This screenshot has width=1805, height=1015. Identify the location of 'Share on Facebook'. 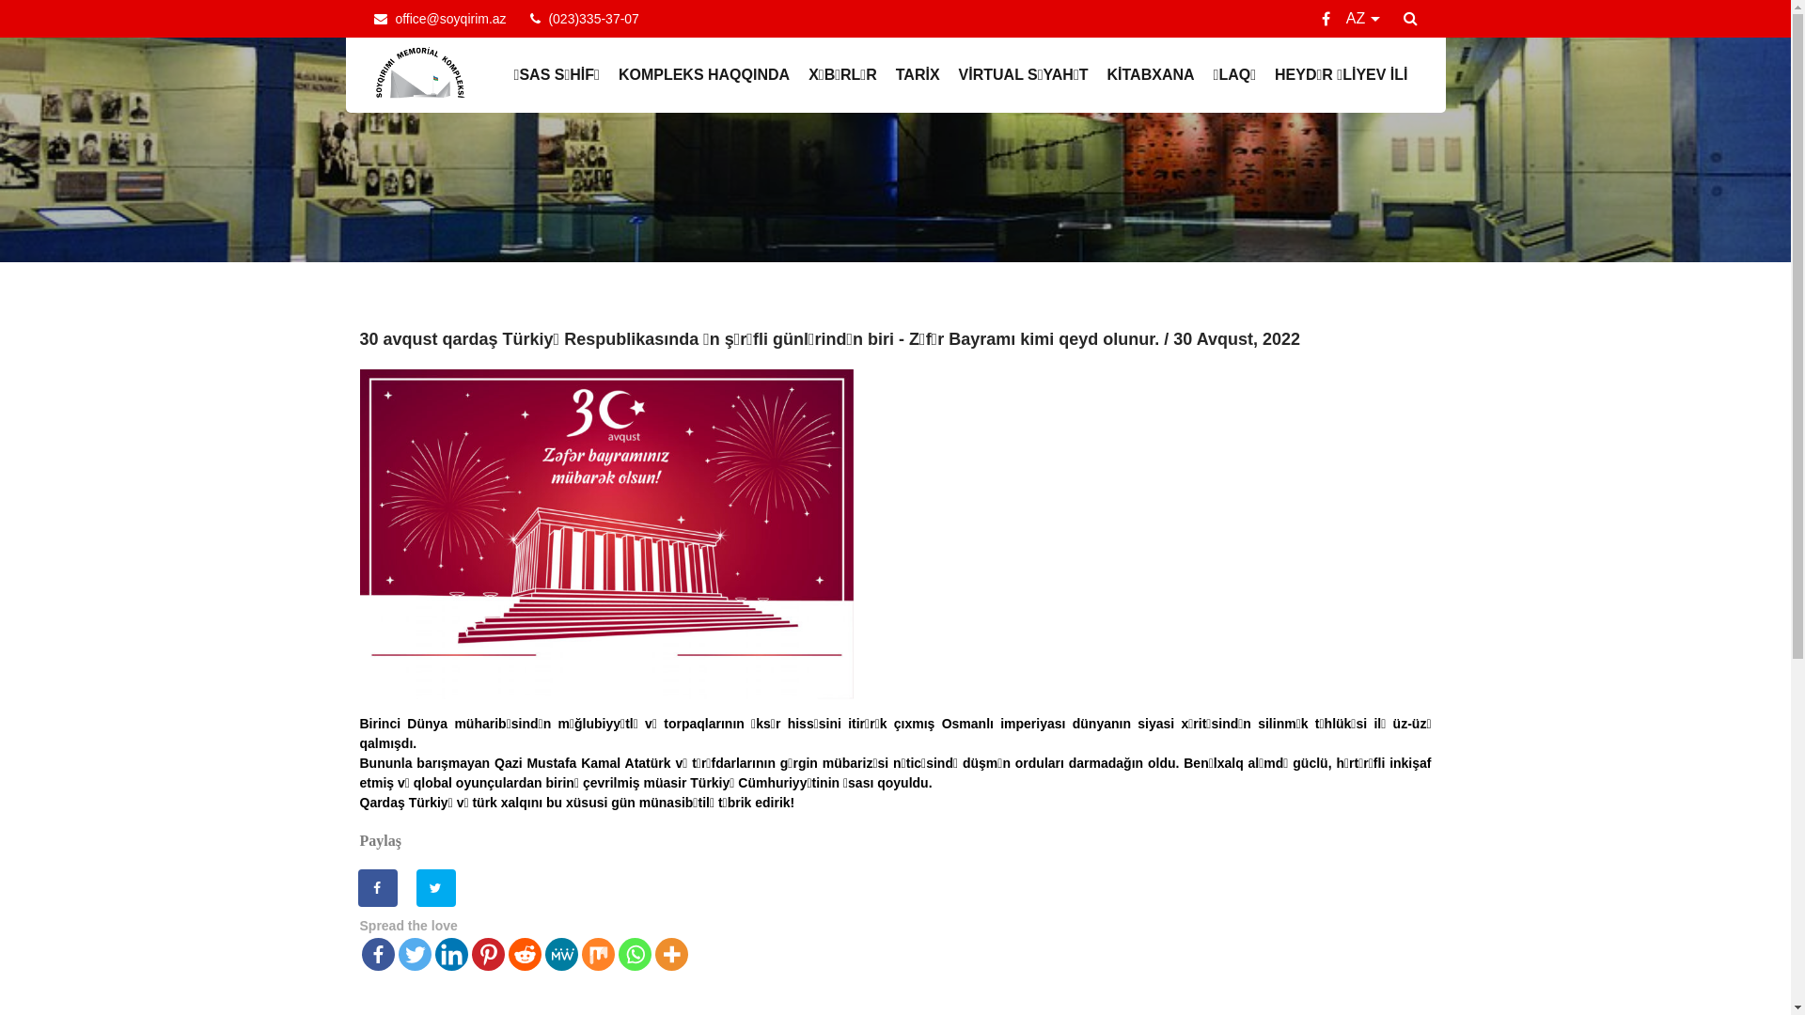
(377, 888).